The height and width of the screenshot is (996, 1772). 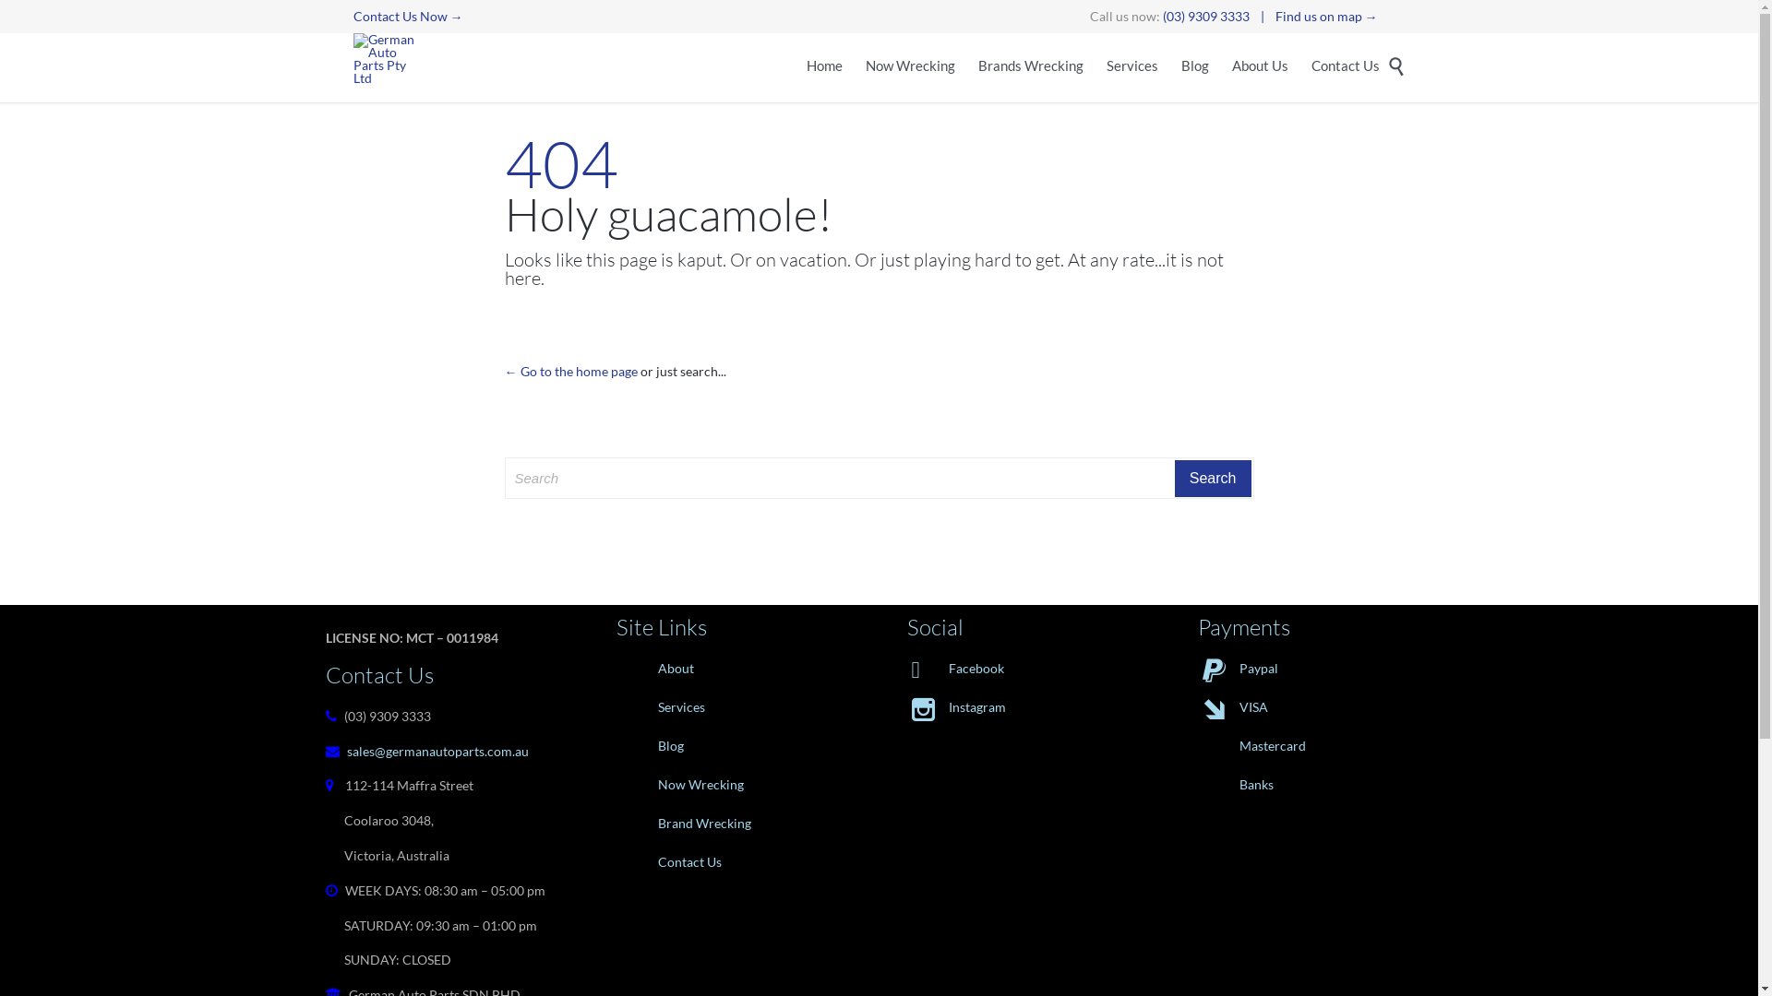 What do you see at coordinates (977, 66) in the screenshot?
I see `'Brands Wrecking'` at bounding box center [977, 66].